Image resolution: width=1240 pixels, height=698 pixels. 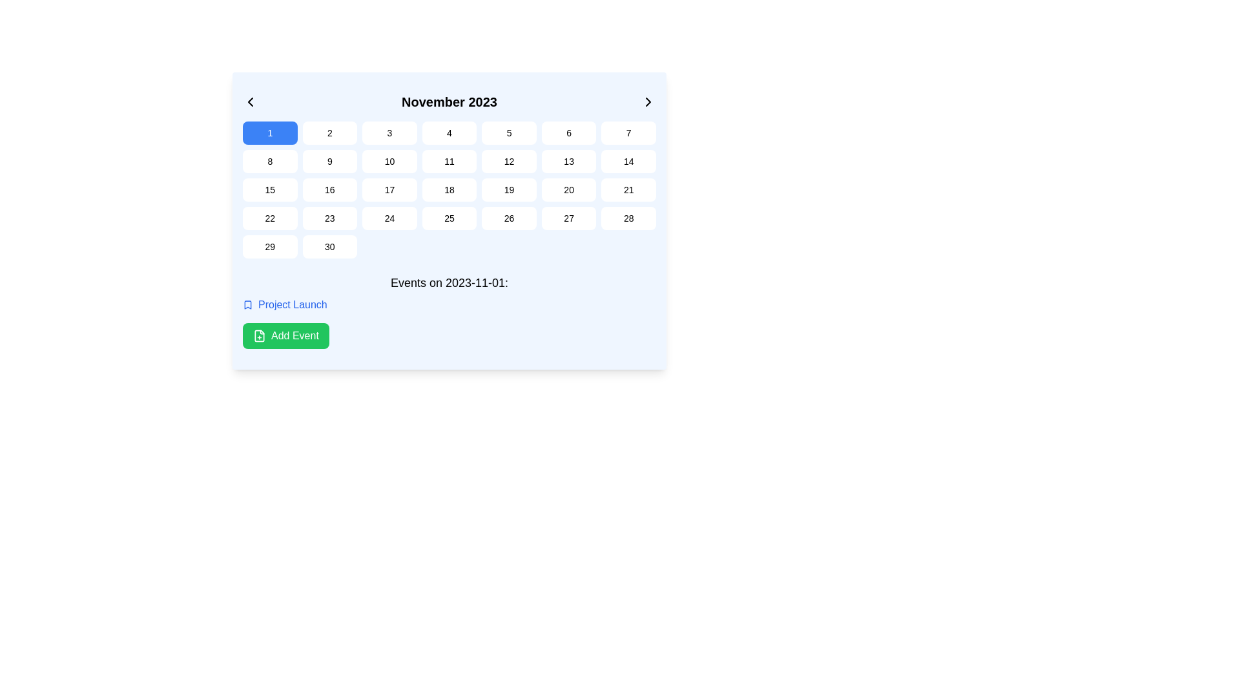 What do you see at coordinates (508, 189) in the screenshot?
I see `the selectable date button representing the 19th day of the month in the calendar grid layout` at bounding box center [508, 189].